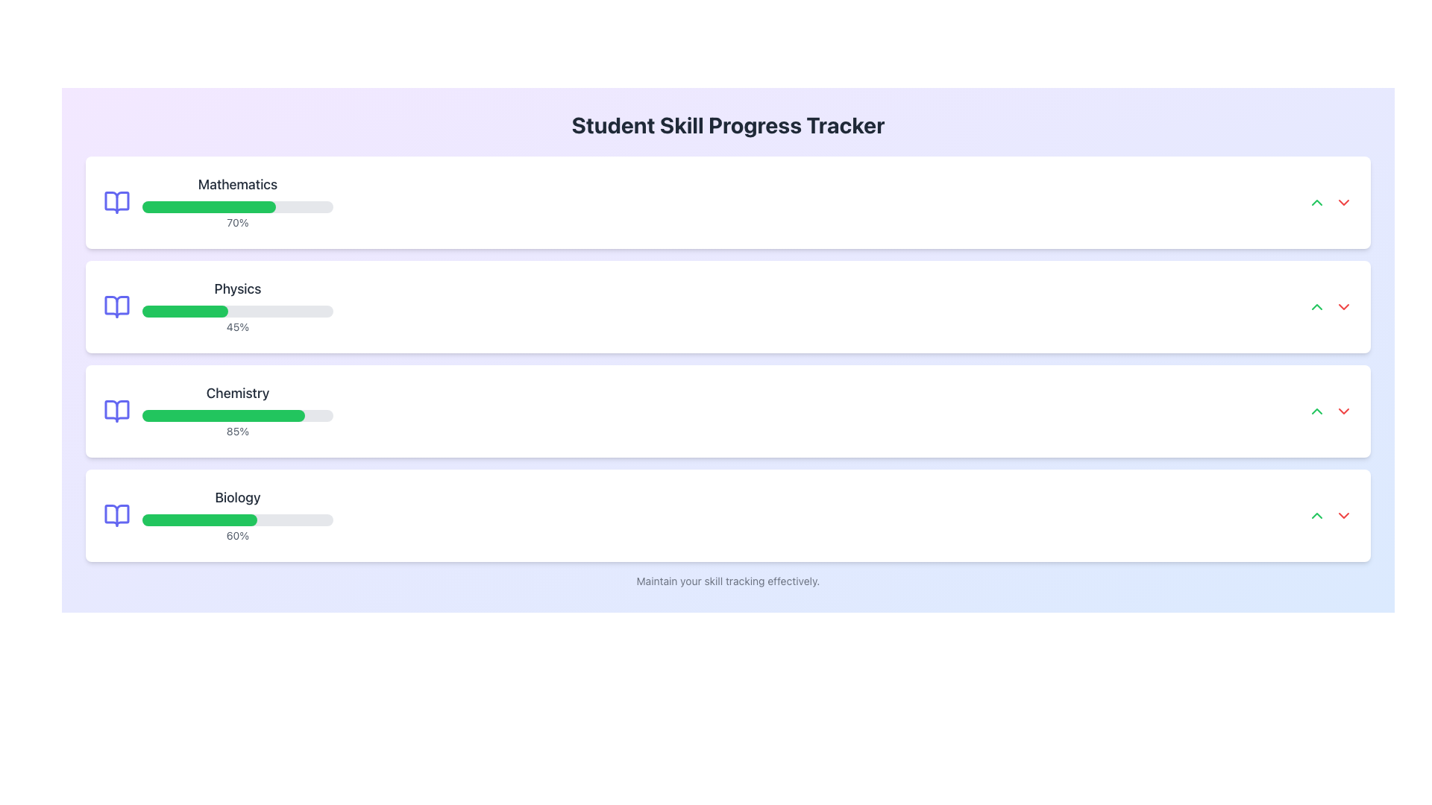  What do you see at coordinates (1343, 514) in the screenshot?
I see `the red downward-pointing chevron icon located to the far right of the 'Biology' skill bar` at bounding box center [1343, 514].